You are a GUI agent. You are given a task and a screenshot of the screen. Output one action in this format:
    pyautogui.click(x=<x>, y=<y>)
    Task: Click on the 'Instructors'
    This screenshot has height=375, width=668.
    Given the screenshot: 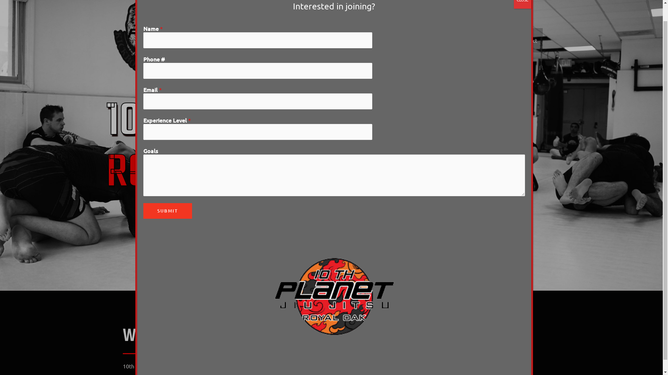 What is the action you would take?
    pyautogui.click(x=402, y=40)
    